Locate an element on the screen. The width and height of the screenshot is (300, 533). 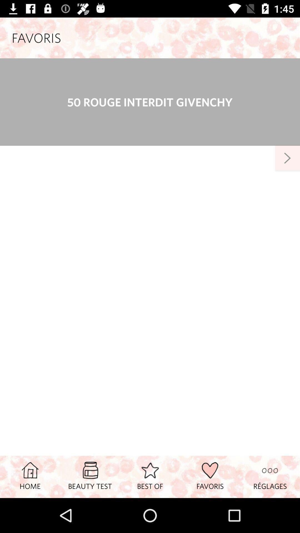
item next to the beauty test is located at coordinates (150, 476).